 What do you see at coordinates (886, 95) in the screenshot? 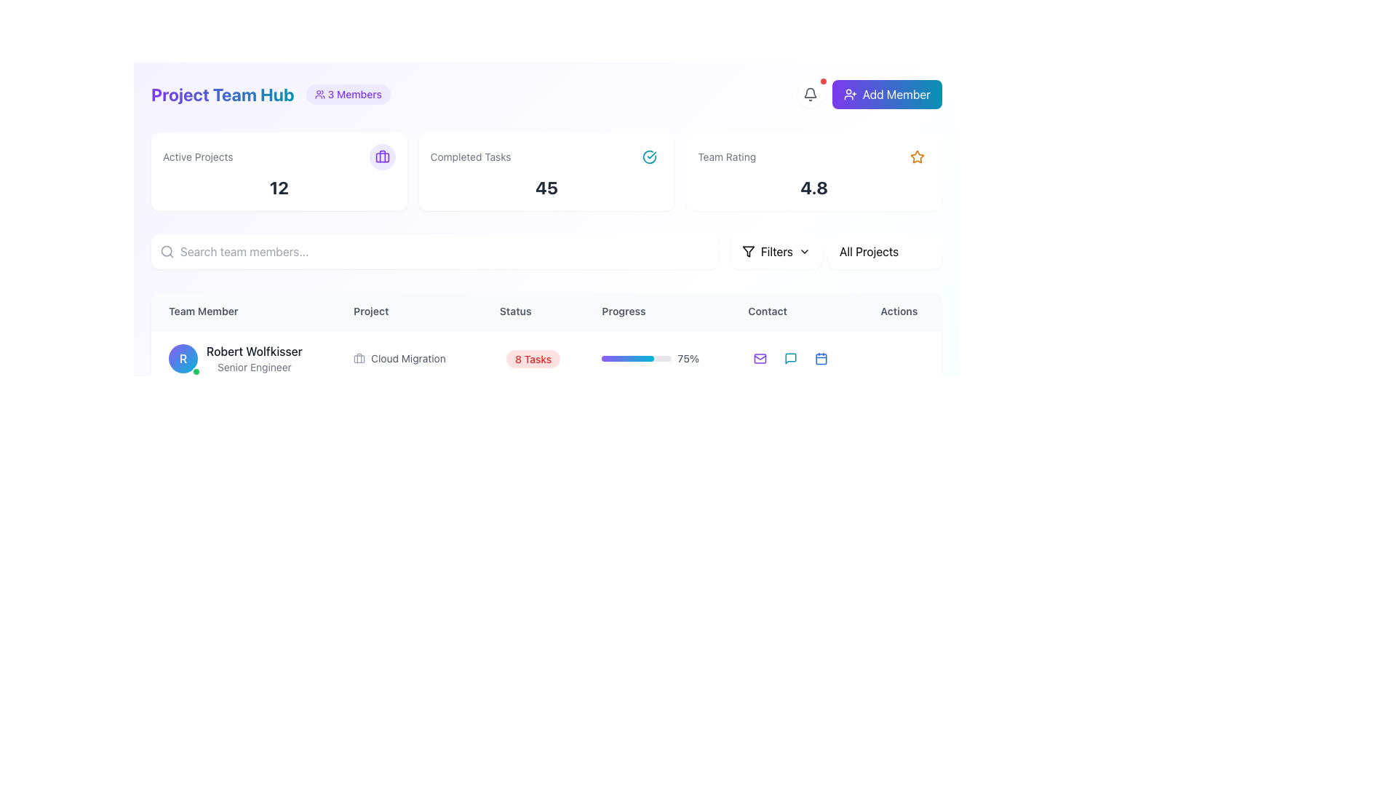
I see `the button located in the top-right corner of the interface, adjacent to the notification bell icon` at bounding box center [886, 95].